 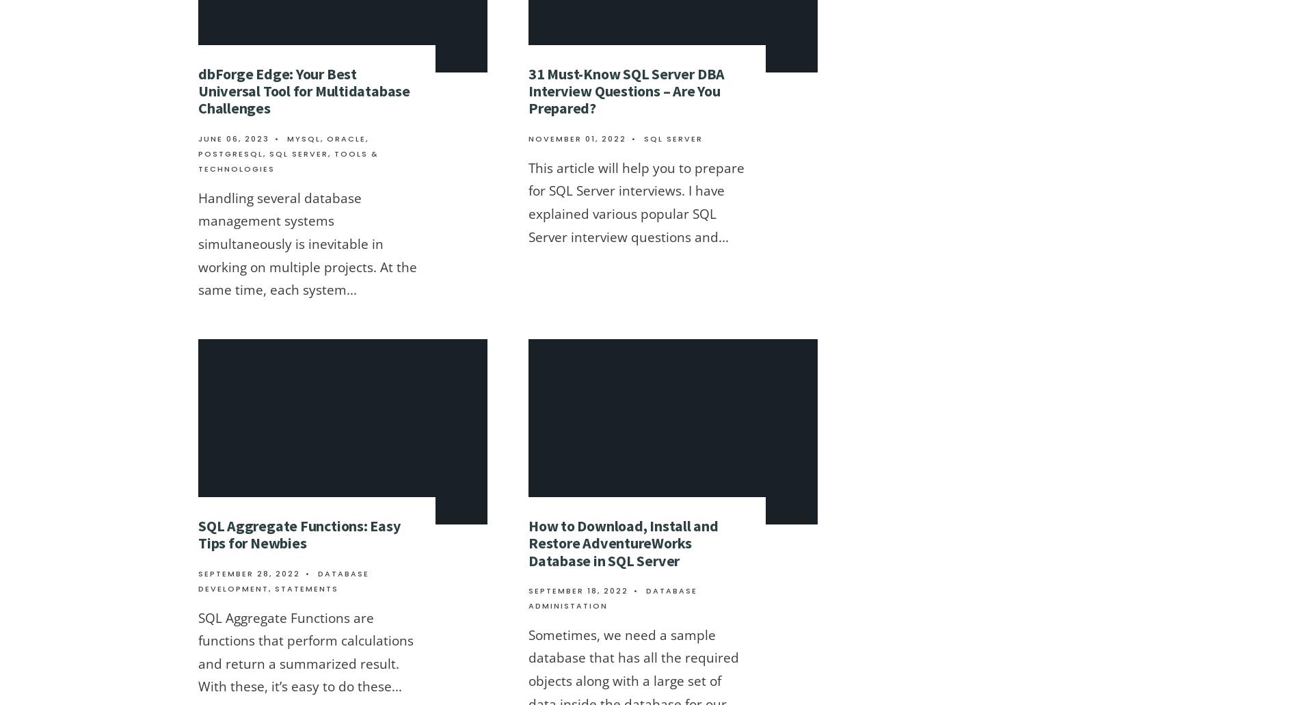 What do you see at coordinates (286, 137) in the screenshot?
I see `'MySQL'` at bounding box center [286, 137].